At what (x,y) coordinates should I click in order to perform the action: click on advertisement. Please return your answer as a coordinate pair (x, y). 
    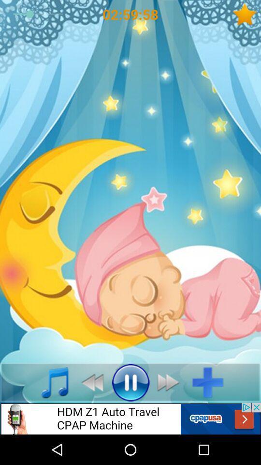
    Looking at the image, I should click on (130, 418).